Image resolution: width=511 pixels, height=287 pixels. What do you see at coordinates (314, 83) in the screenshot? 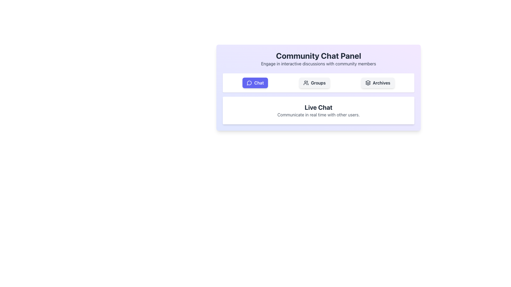
I see `the 'Groups' button, which is the second button in a horizontal row of three buttons` at bounding box center [314, 83].